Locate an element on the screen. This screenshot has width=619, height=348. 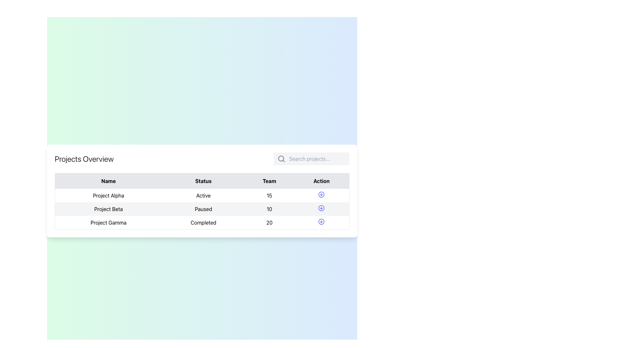
the Text Label representing 'Project Beta' in the second row of the 'Name' column under the 'Projects Overview' heading is located at coordinates (108, 209).